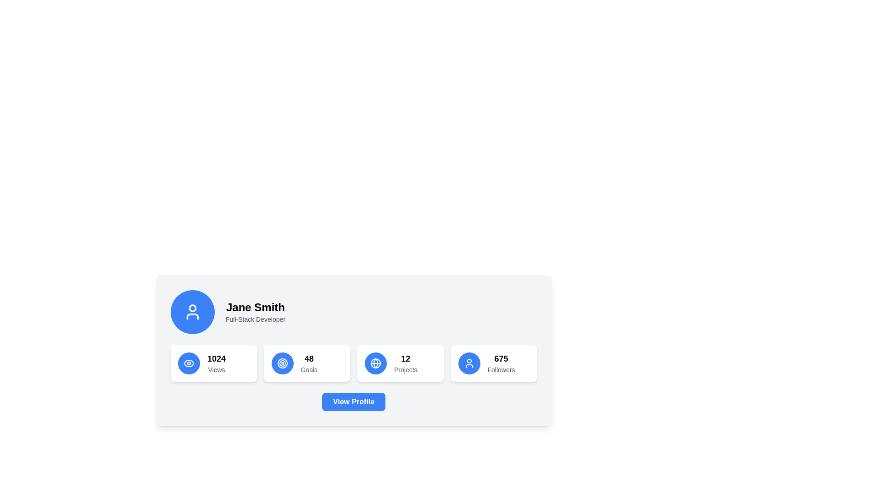  Describe the element at coordinates (400, 363) in the screenshot. I see `the informational display card that shows '12 Projects', which is the third card in a horizontal grid, featuring a blue globe icon and bold text` at that location.